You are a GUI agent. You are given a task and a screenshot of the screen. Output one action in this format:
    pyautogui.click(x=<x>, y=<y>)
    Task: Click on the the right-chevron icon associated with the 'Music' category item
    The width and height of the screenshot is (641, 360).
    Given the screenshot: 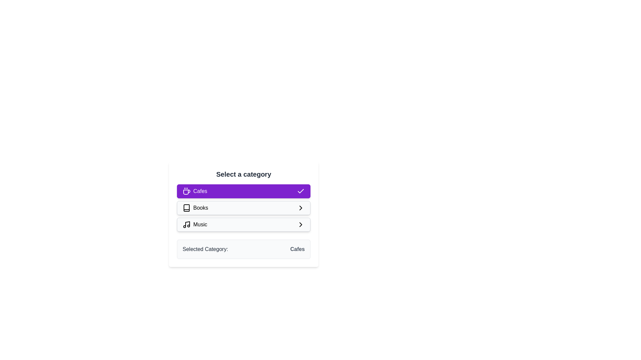 What is the action you would take?
    pyautogui.click(x=300, y=225)
    